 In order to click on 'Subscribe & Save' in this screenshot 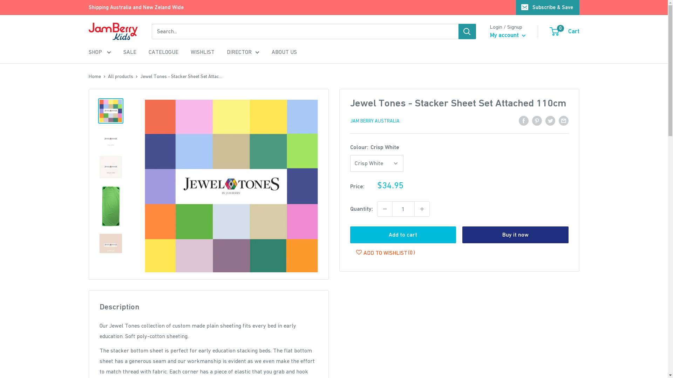, I will do `click(516, 7)`.